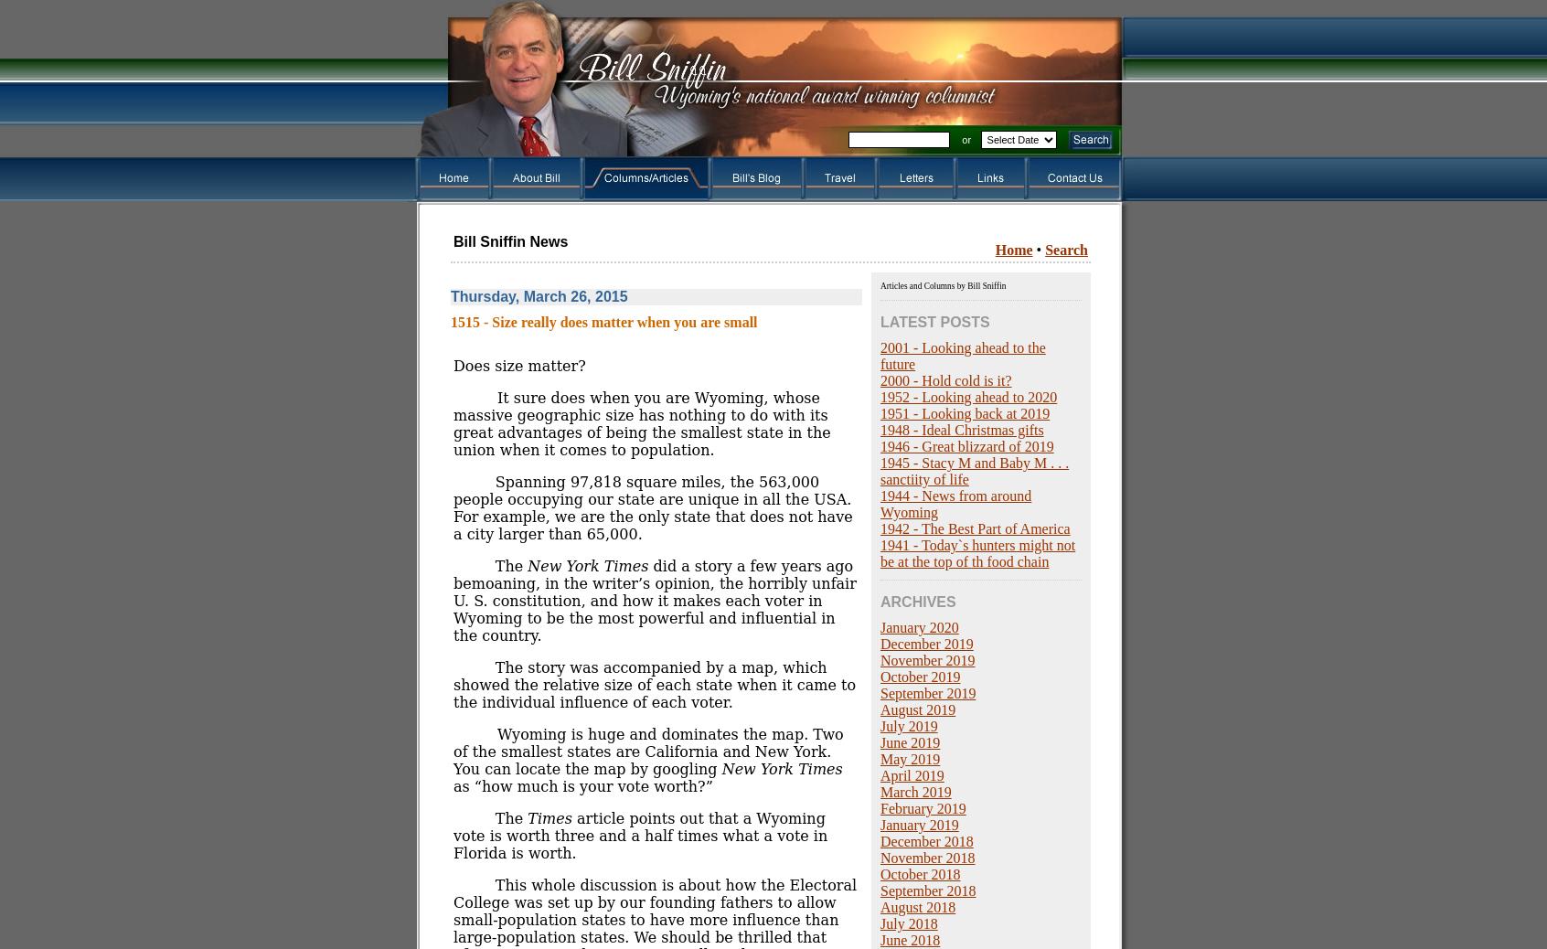 The width and height of the screenshot is (1547, 949). I want to click on '1942 - The Best Part of America', so click(975, 528).